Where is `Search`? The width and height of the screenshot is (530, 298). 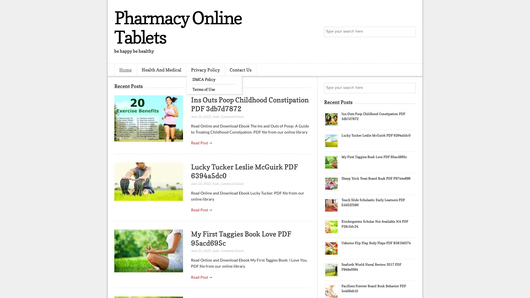 Search is located at coordinates (410, 88).